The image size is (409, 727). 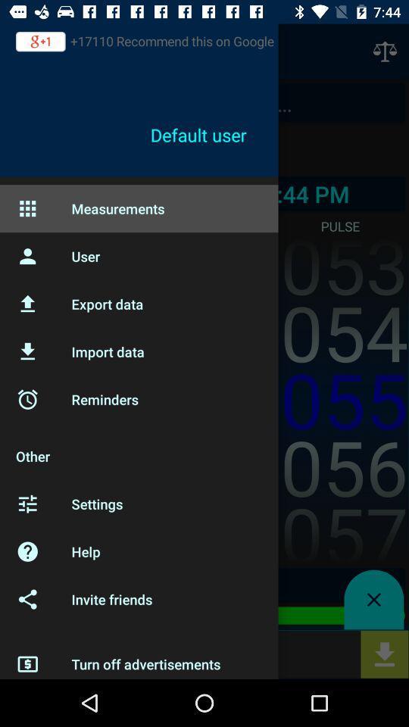 What do you see at coordinates (373, 600) in the screenshot?
I see `the close icon` at bounding box center [373, 600].